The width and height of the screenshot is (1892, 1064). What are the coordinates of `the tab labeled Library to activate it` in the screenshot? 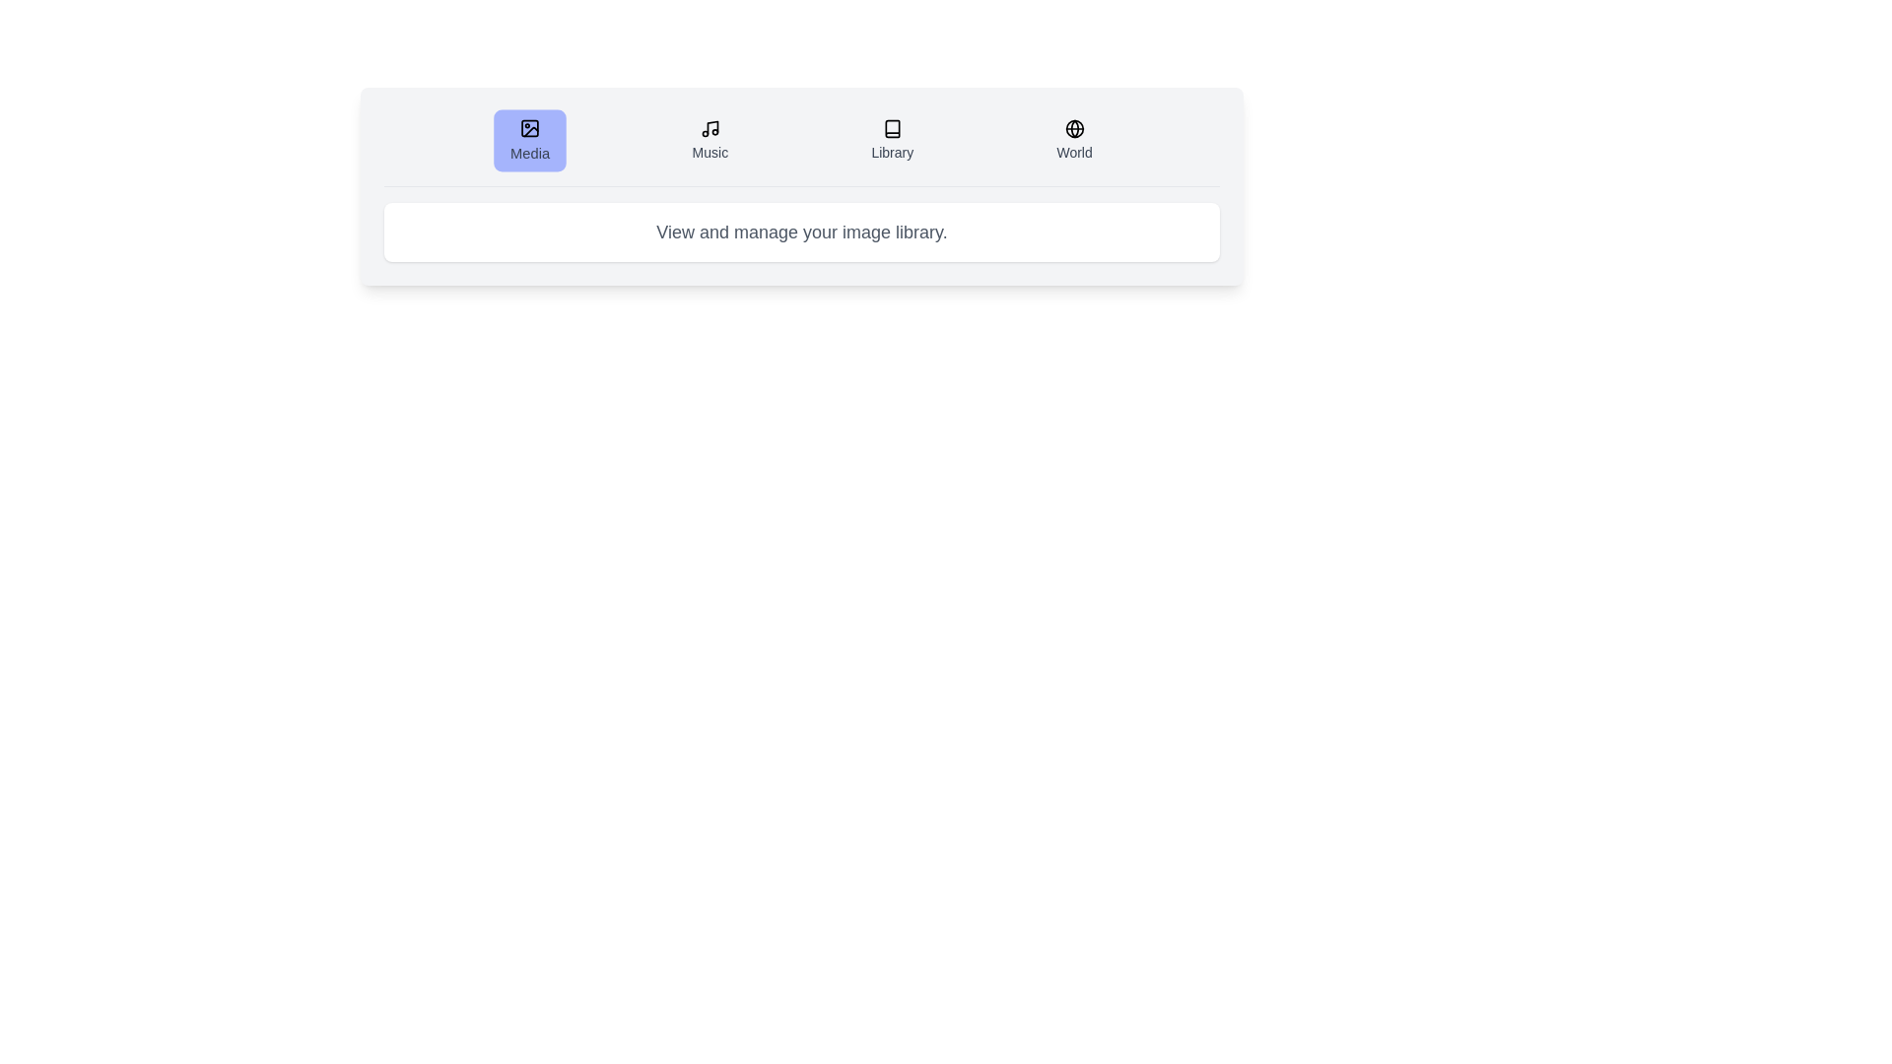 It's located at (892, 139).